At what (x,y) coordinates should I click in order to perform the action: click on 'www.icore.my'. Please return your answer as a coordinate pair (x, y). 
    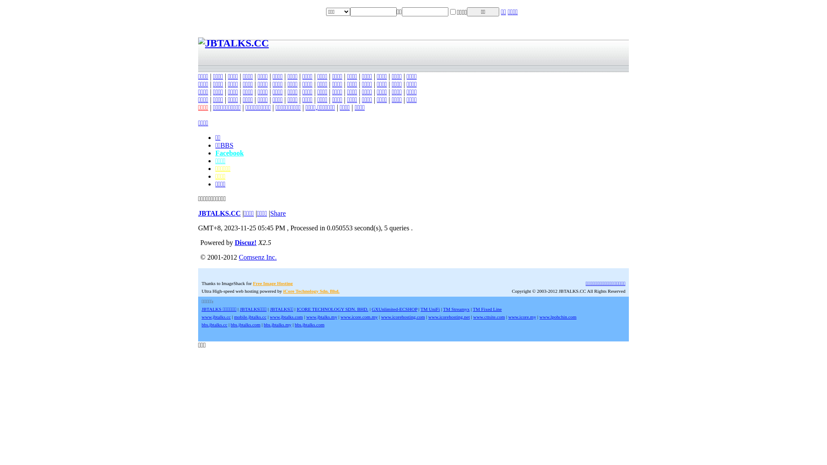
    Looking at the image, I should click on (508, 317).